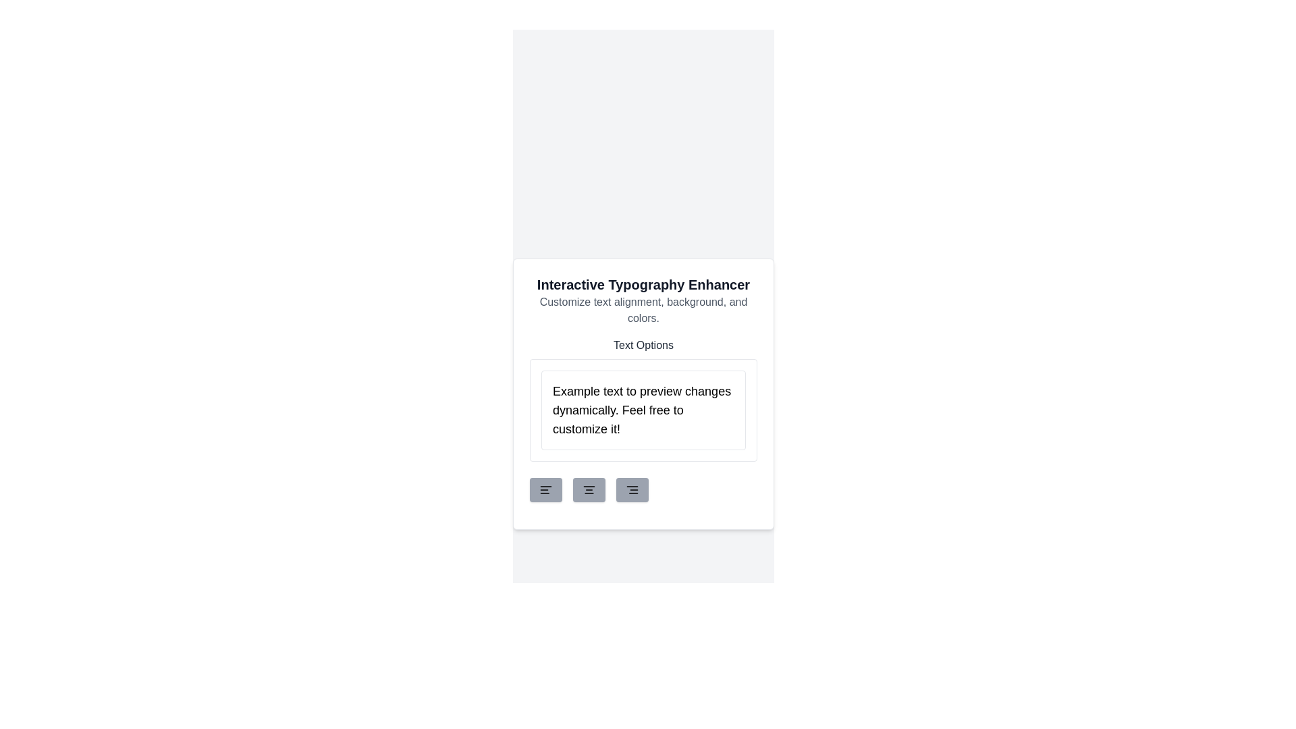  Describe the element at coordinates (643, 489) in the screenshot. I see `the text alignment button that aligns text to the right, which is the third button from the left` at that location.